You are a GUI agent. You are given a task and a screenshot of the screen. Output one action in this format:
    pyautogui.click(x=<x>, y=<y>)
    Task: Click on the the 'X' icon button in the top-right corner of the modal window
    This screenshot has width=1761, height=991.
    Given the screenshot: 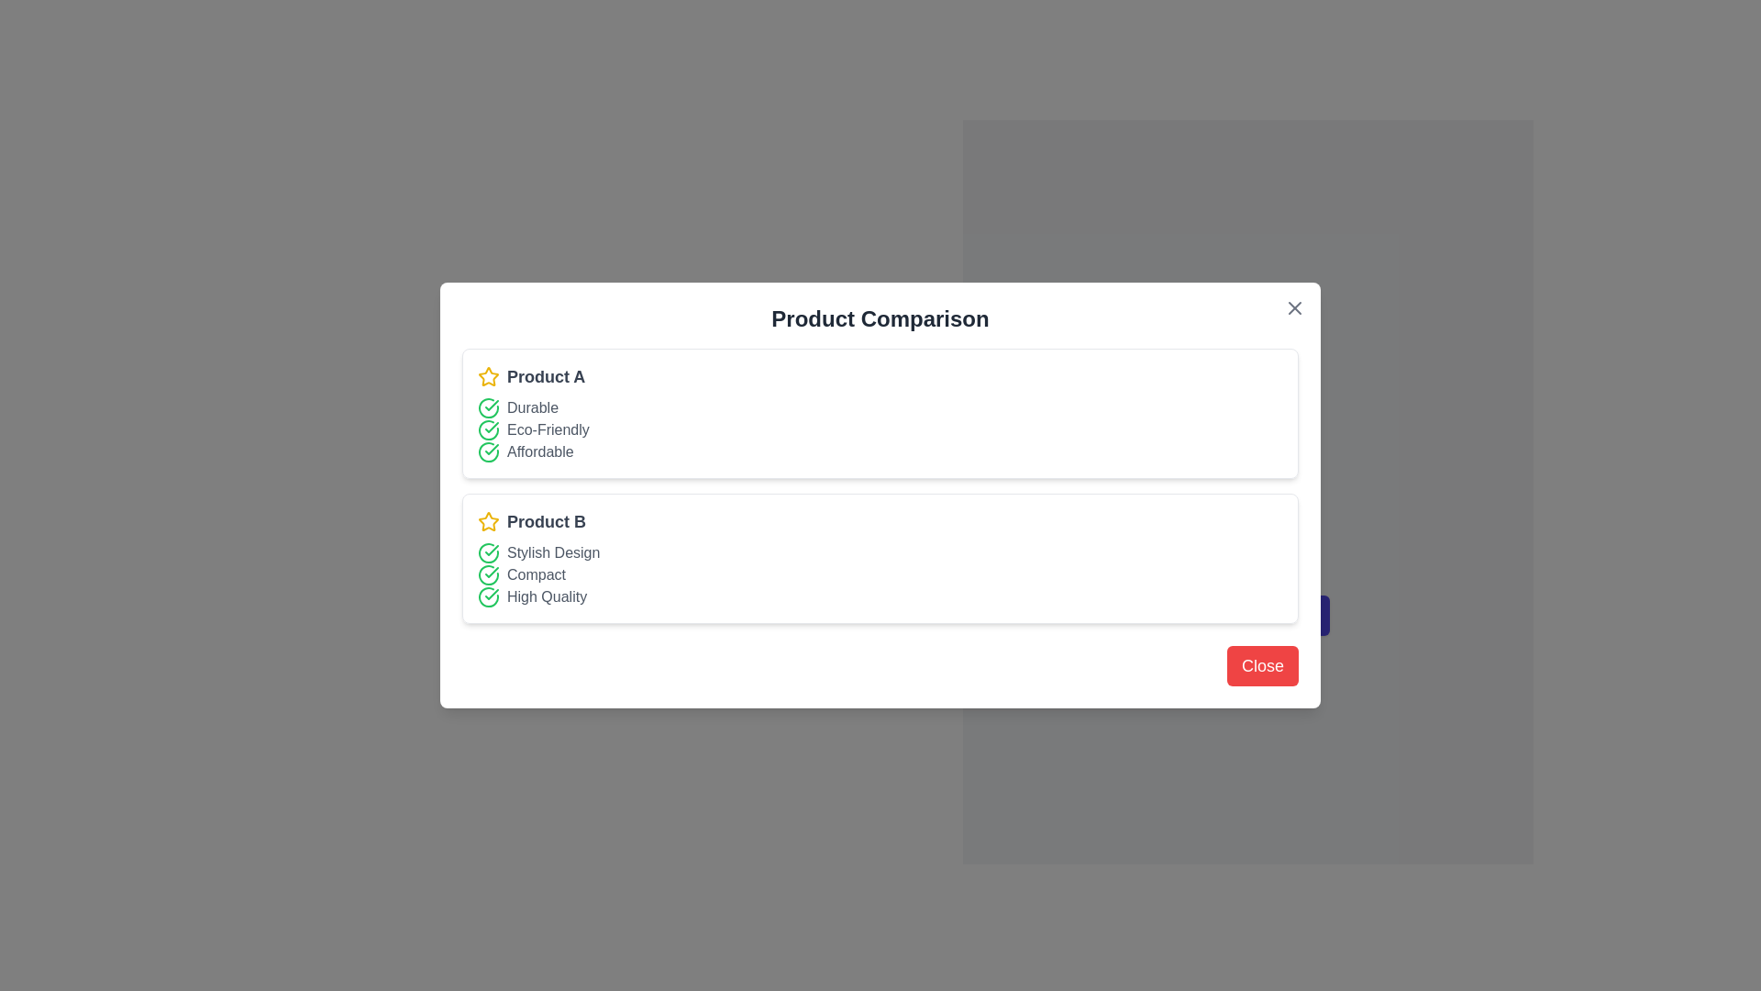 What is the action you would take?
    pyautogui.click(x=1293, y=306)
    